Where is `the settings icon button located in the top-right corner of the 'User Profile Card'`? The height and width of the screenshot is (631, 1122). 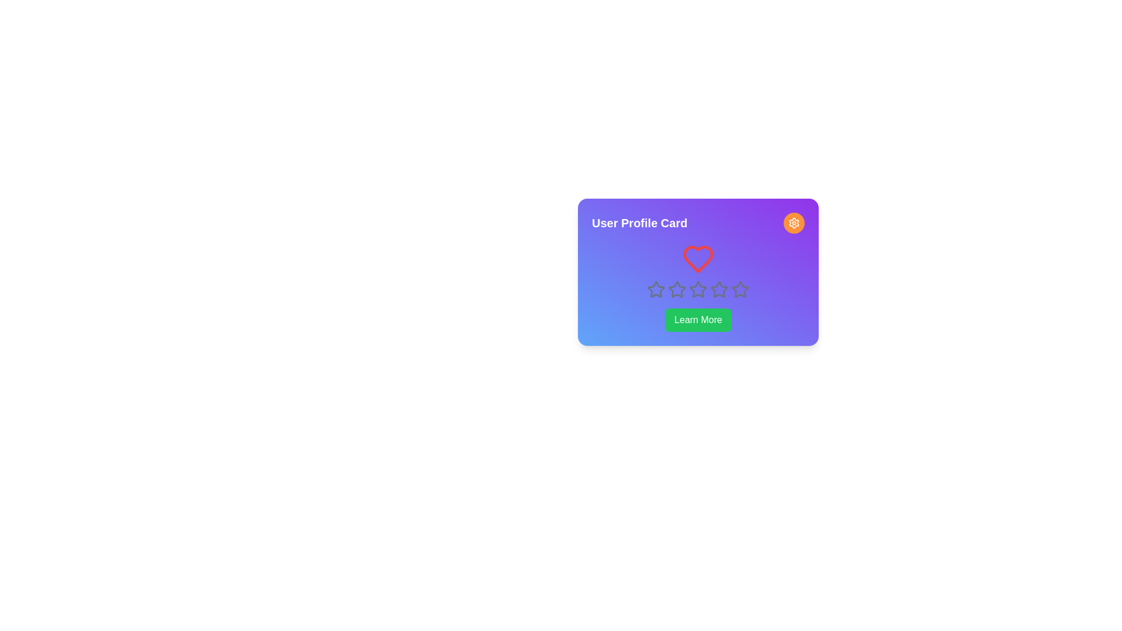 the settings icon button located in the top-right corner of the 'User Profile Card' is located at coordinates (794, 223).